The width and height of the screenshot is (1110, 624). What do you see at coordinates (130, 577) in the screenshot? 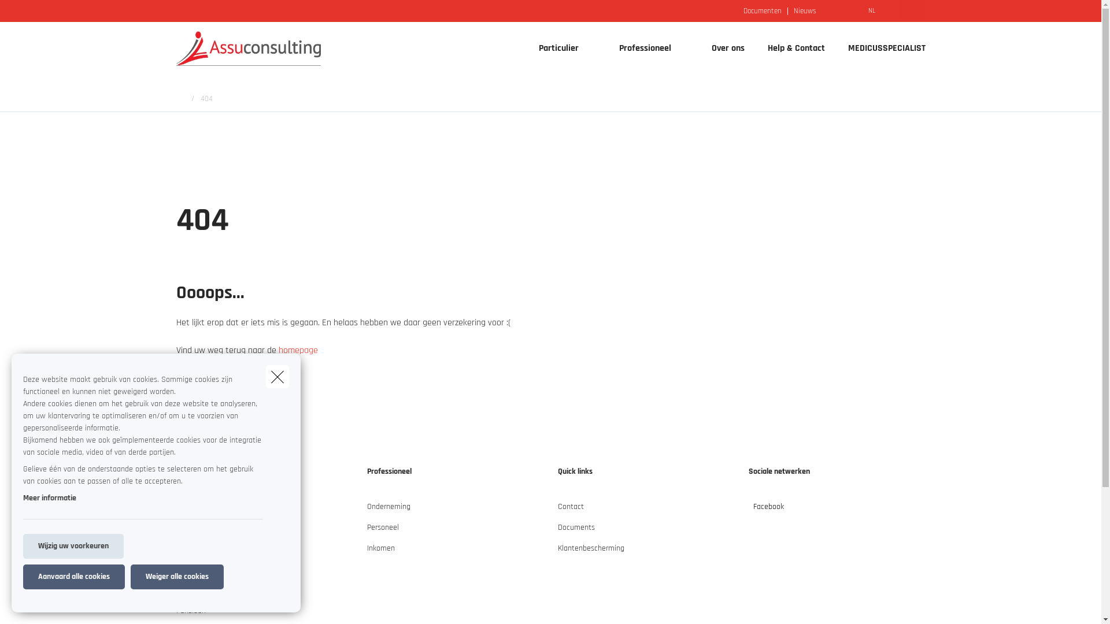
I see `'Weiger alle cookies'` at bounding box center [130, 577].